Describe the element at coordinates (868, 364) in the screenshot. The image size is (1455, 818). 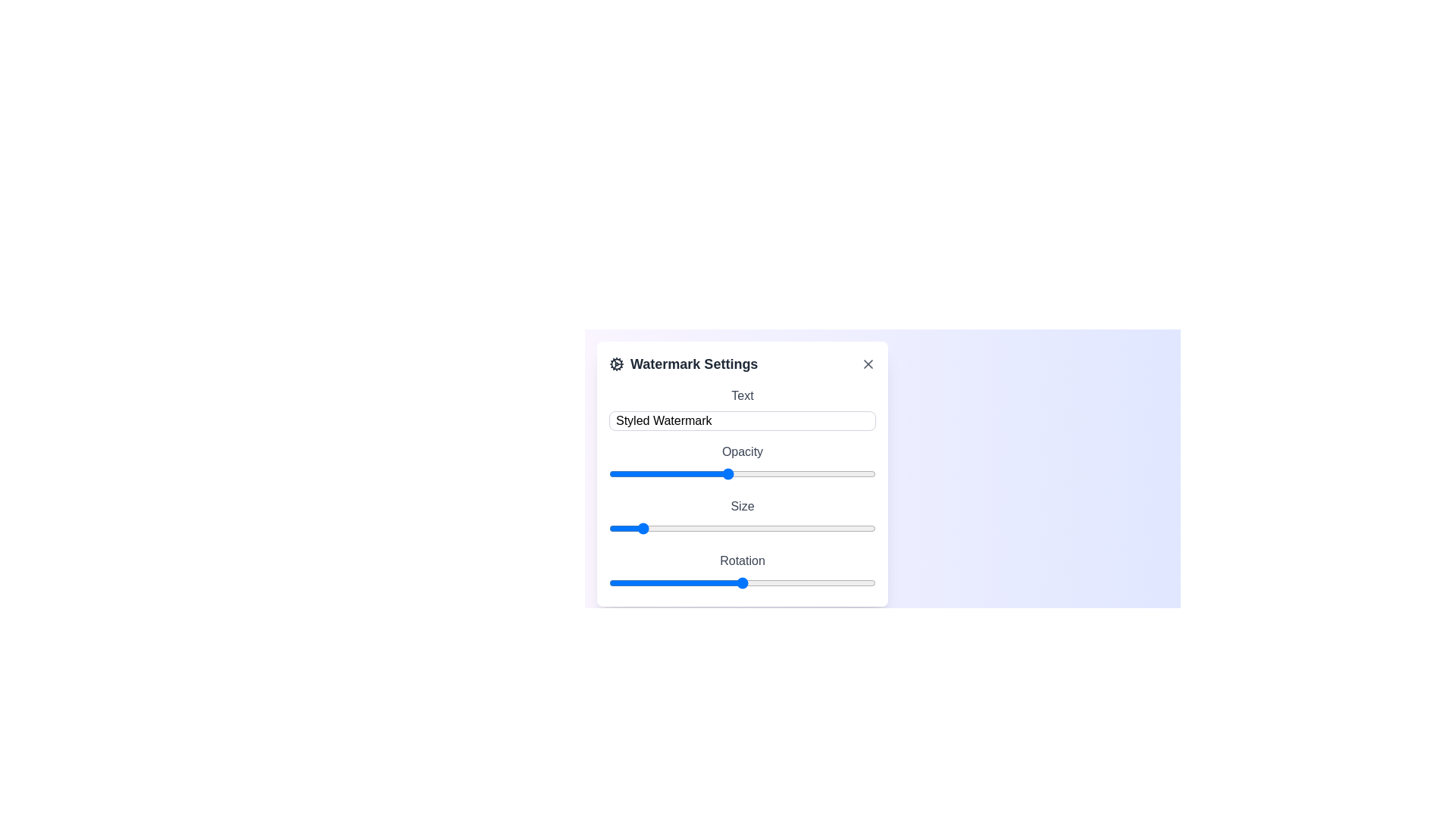
I see `the close button located in the header section of the 'Watermark Settings' modal` at that location.